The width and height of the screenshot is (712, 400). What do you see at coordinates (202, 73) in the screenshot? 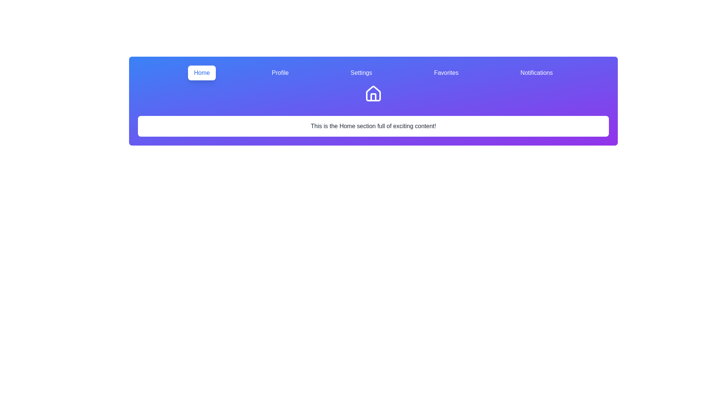
I see `the prominent action button labeled 'Home' with a white background and blue text` at bounding box center [202, 73].